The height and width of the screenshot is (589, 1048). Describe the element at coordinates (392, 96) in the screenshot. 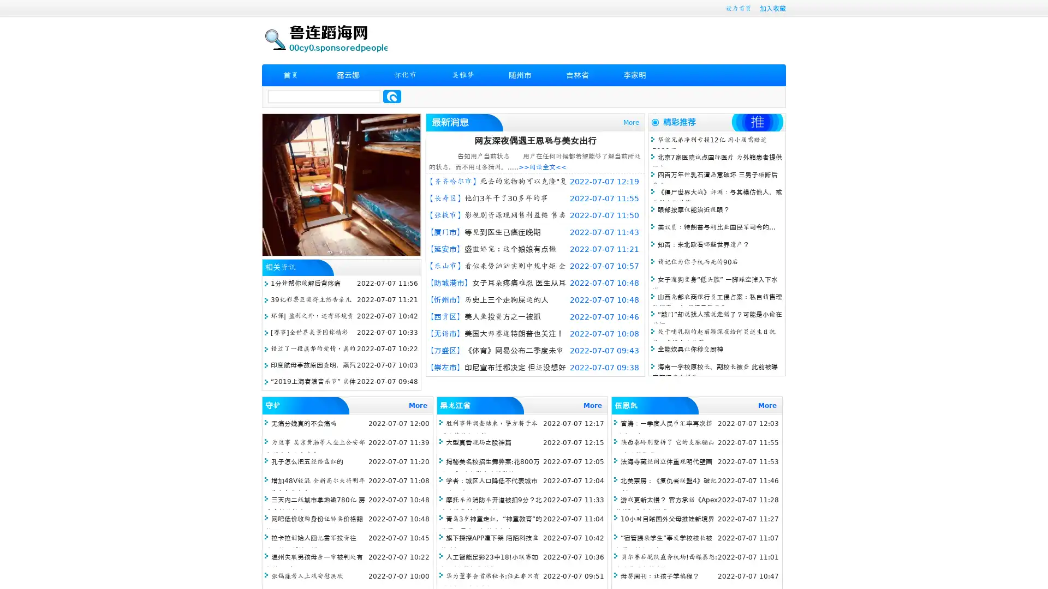

I see `Search` at that location.